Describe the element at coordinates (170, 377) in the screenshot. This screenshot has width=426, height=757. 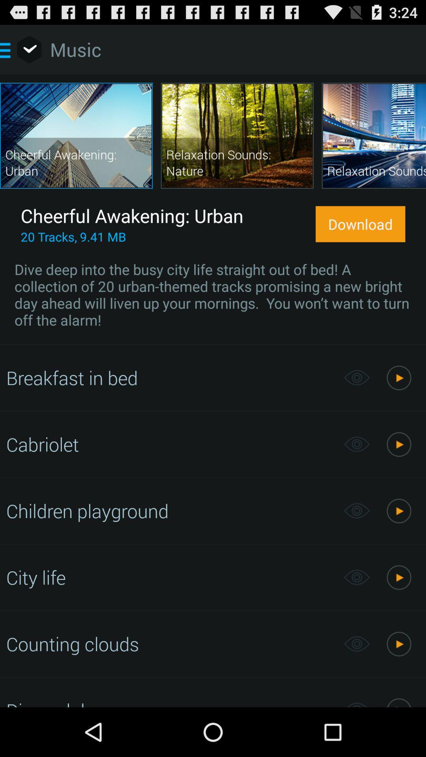
I see `the item below dive deep into item` at that location.